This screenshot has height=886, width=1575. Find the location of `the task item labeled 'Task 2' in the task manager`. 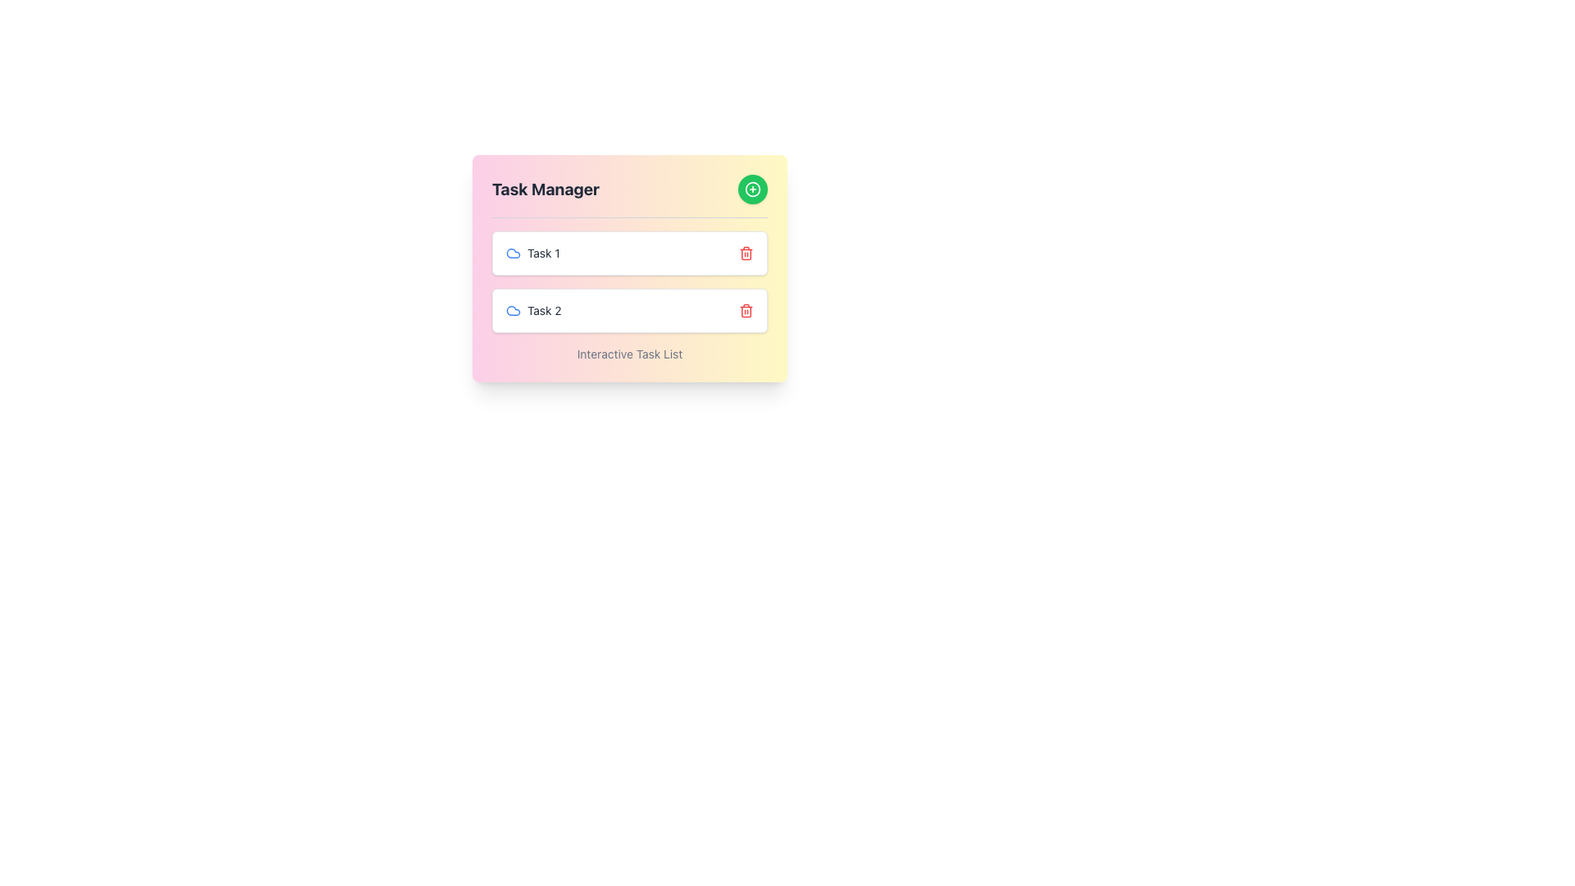

the task item labeled 'Task 2' in the task manager is located at coordinates (629, 310).